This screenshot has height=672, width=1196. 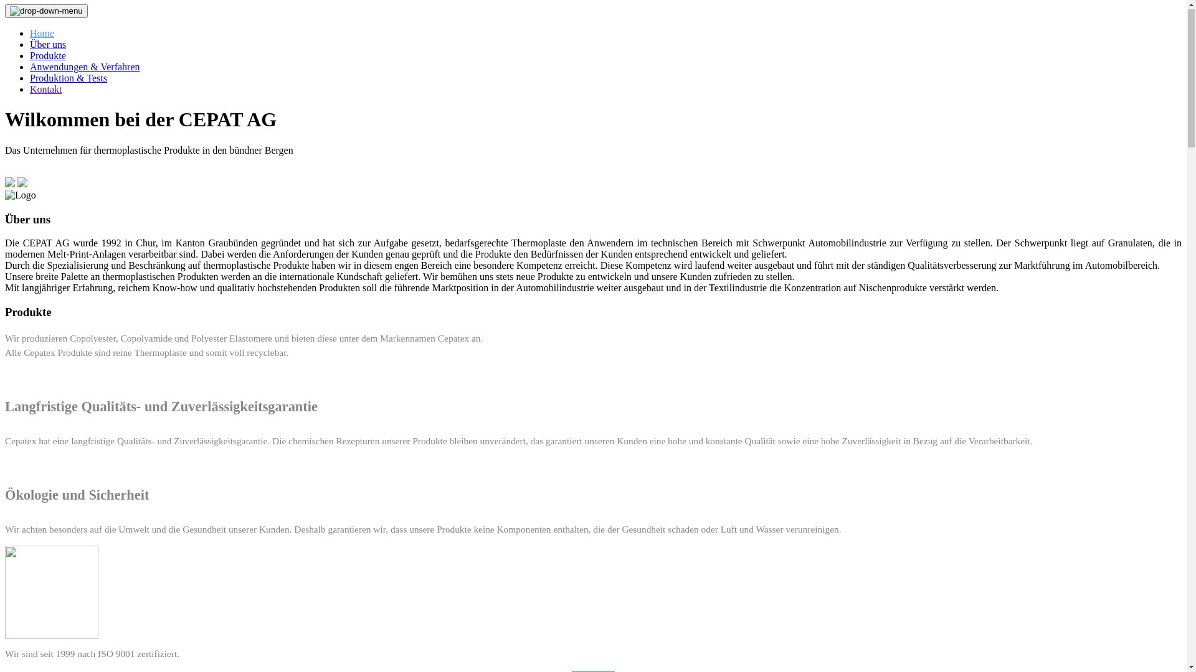 What do you see at coordinates (30, 89) in the screenshot?
I see `'Kontakt'` at bounding box center [30, 89].